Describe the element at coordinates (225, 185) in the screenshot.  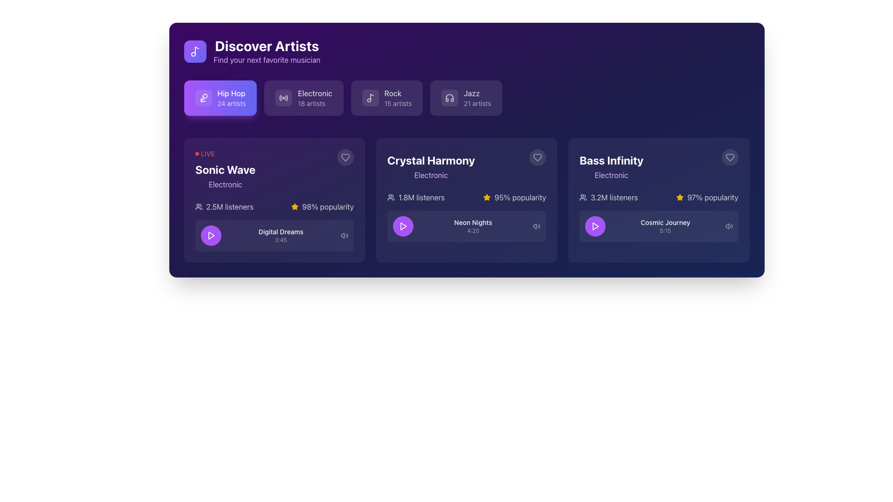
I see `text label indicating the genre of content related to 'Sonic Wave', which is located below the title 'Sonic Wave' in the highlighted card` at that location.